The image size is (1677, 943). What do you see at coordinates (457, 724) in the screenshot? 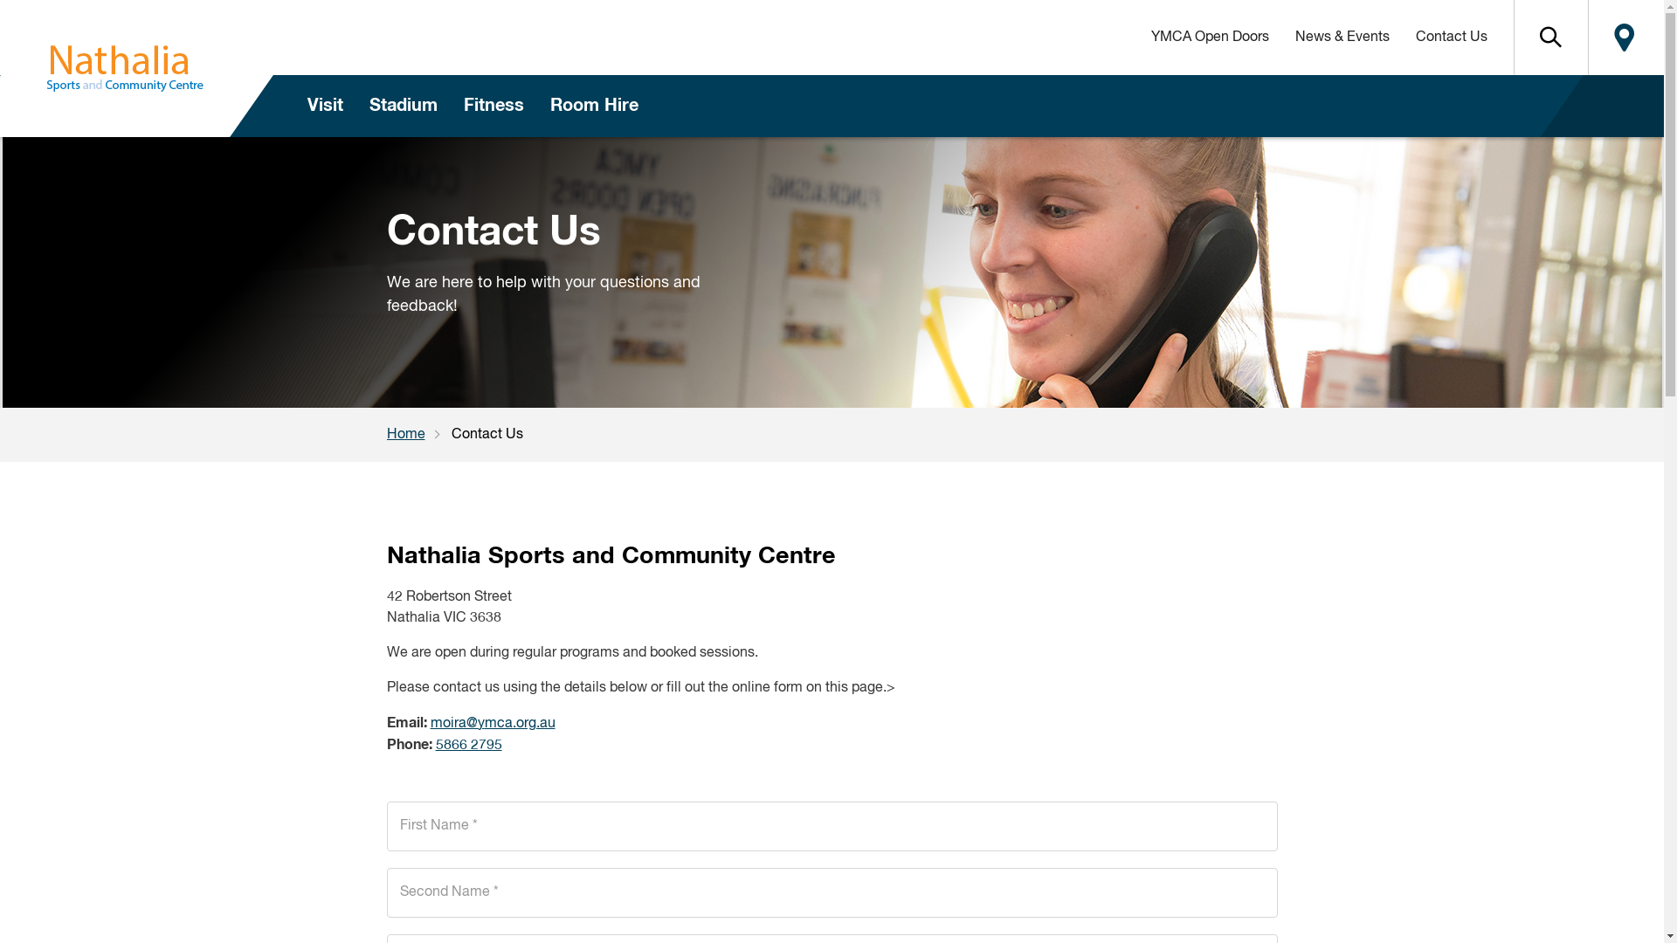
I see `'moira@y'` at bounding box center [457, 724].